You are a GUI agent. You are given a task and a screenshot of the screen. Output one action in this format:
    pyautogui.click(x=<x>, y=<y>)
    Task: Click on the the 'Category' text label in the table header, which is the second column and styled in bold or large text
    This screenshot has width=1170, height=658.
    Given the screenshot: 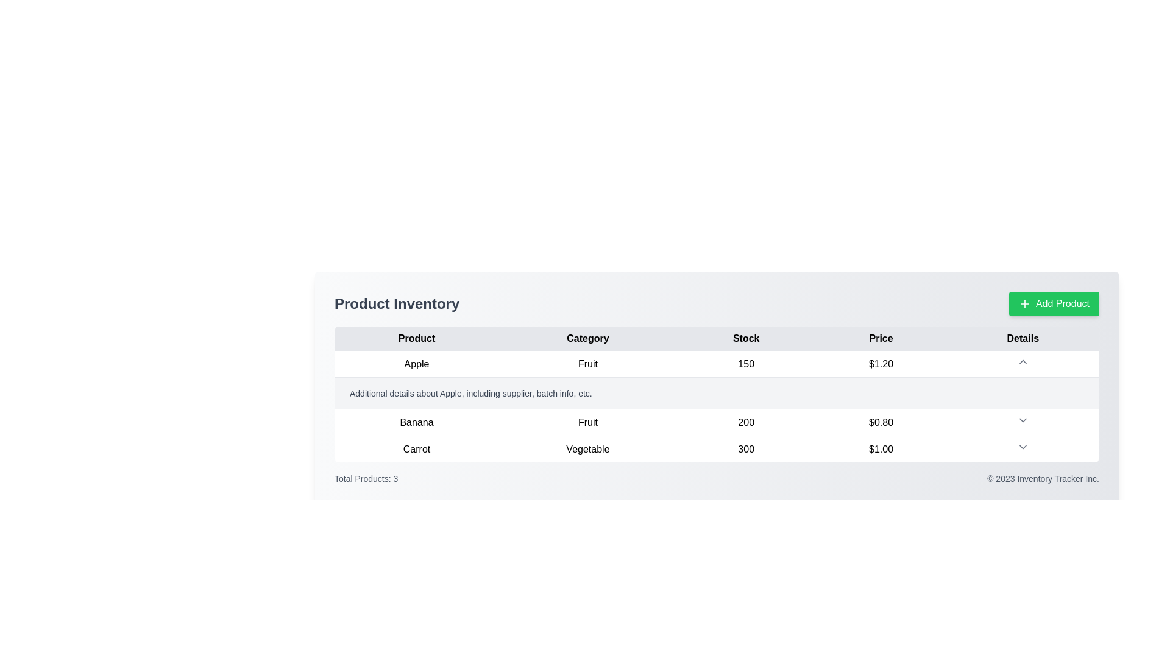 What is the action you would take?
    pyautogui.click(x=587, y=338)
    